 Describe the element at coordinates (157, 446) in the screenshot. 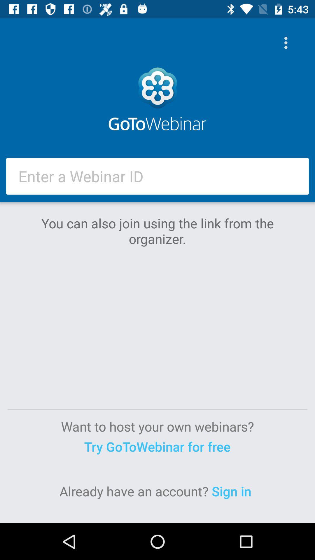

I see `try gotowebinar for icon` at that location.